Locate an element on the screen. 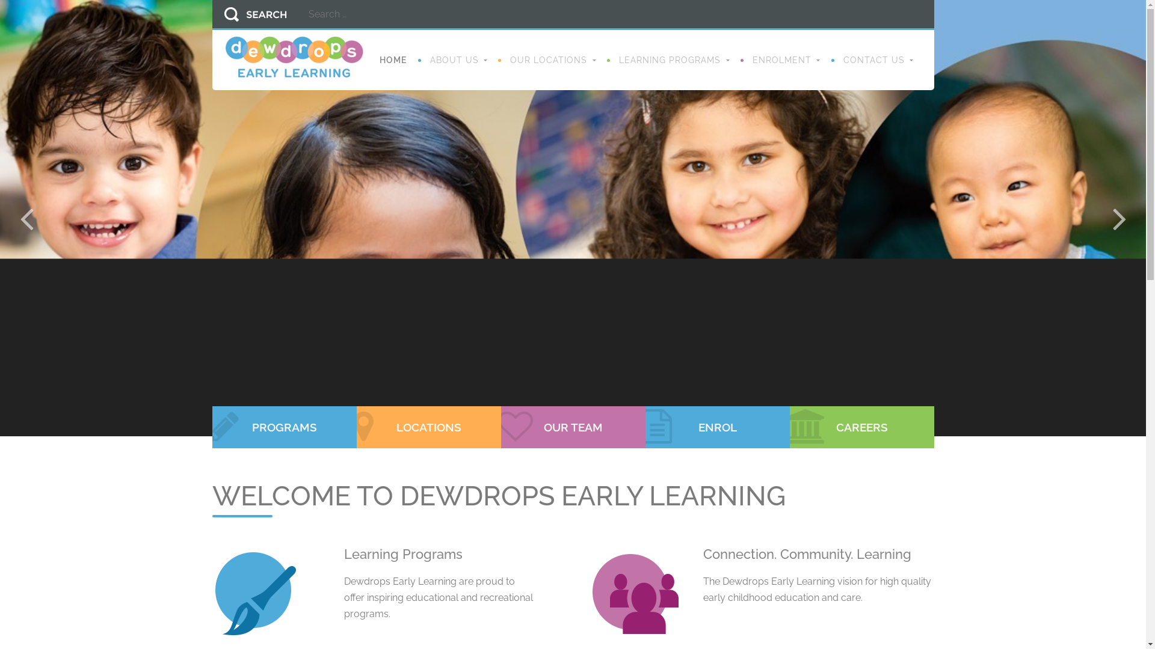  'OUR TEAM' is located at coordinates (500, 426).